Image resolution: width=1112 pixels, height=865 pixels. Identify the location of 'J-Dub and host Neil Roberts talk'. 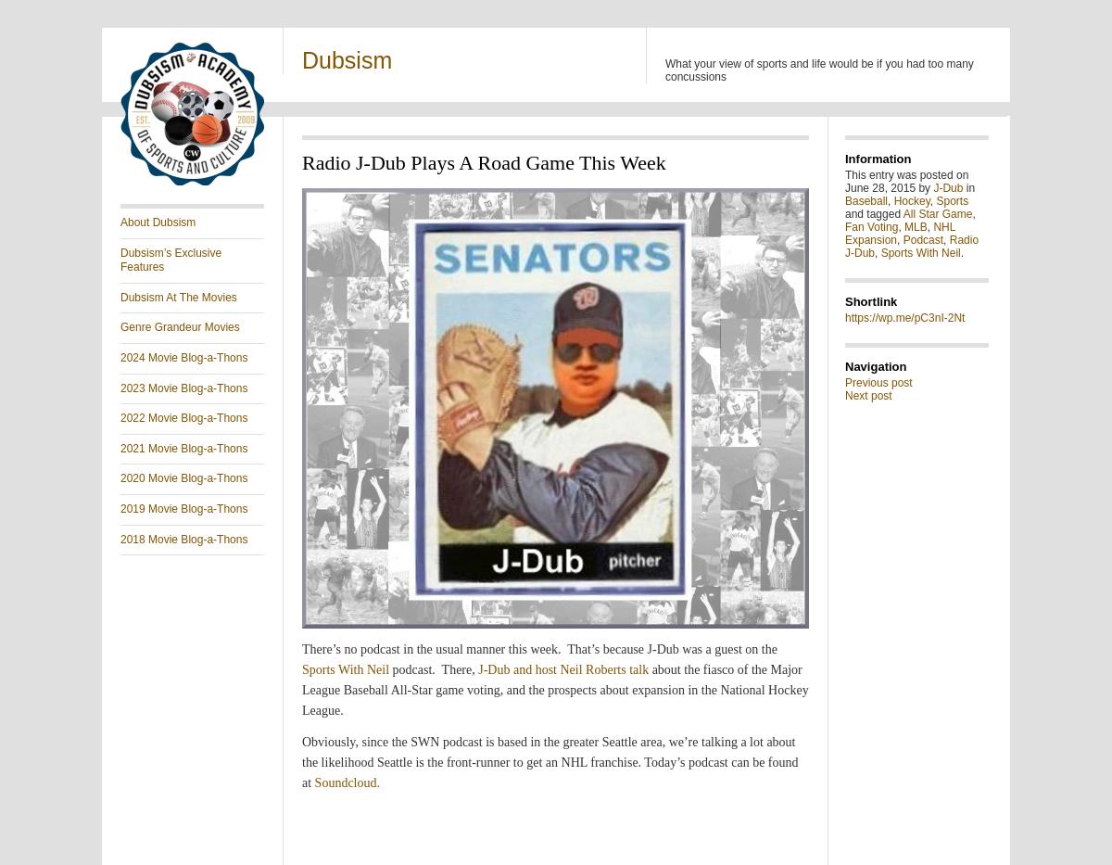
(563, 669).